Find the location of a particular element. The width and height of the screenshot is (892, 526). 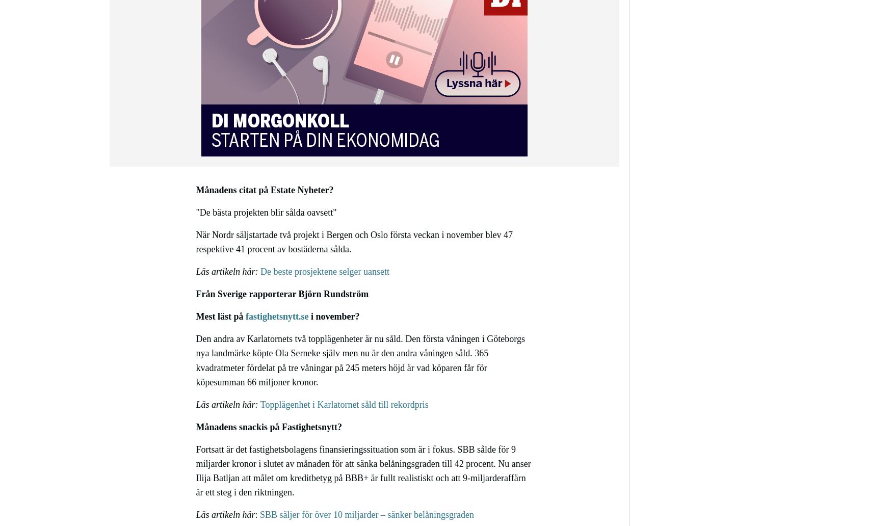

'De beste prosjektene selger uansett' is located at coordinates (324, 272).